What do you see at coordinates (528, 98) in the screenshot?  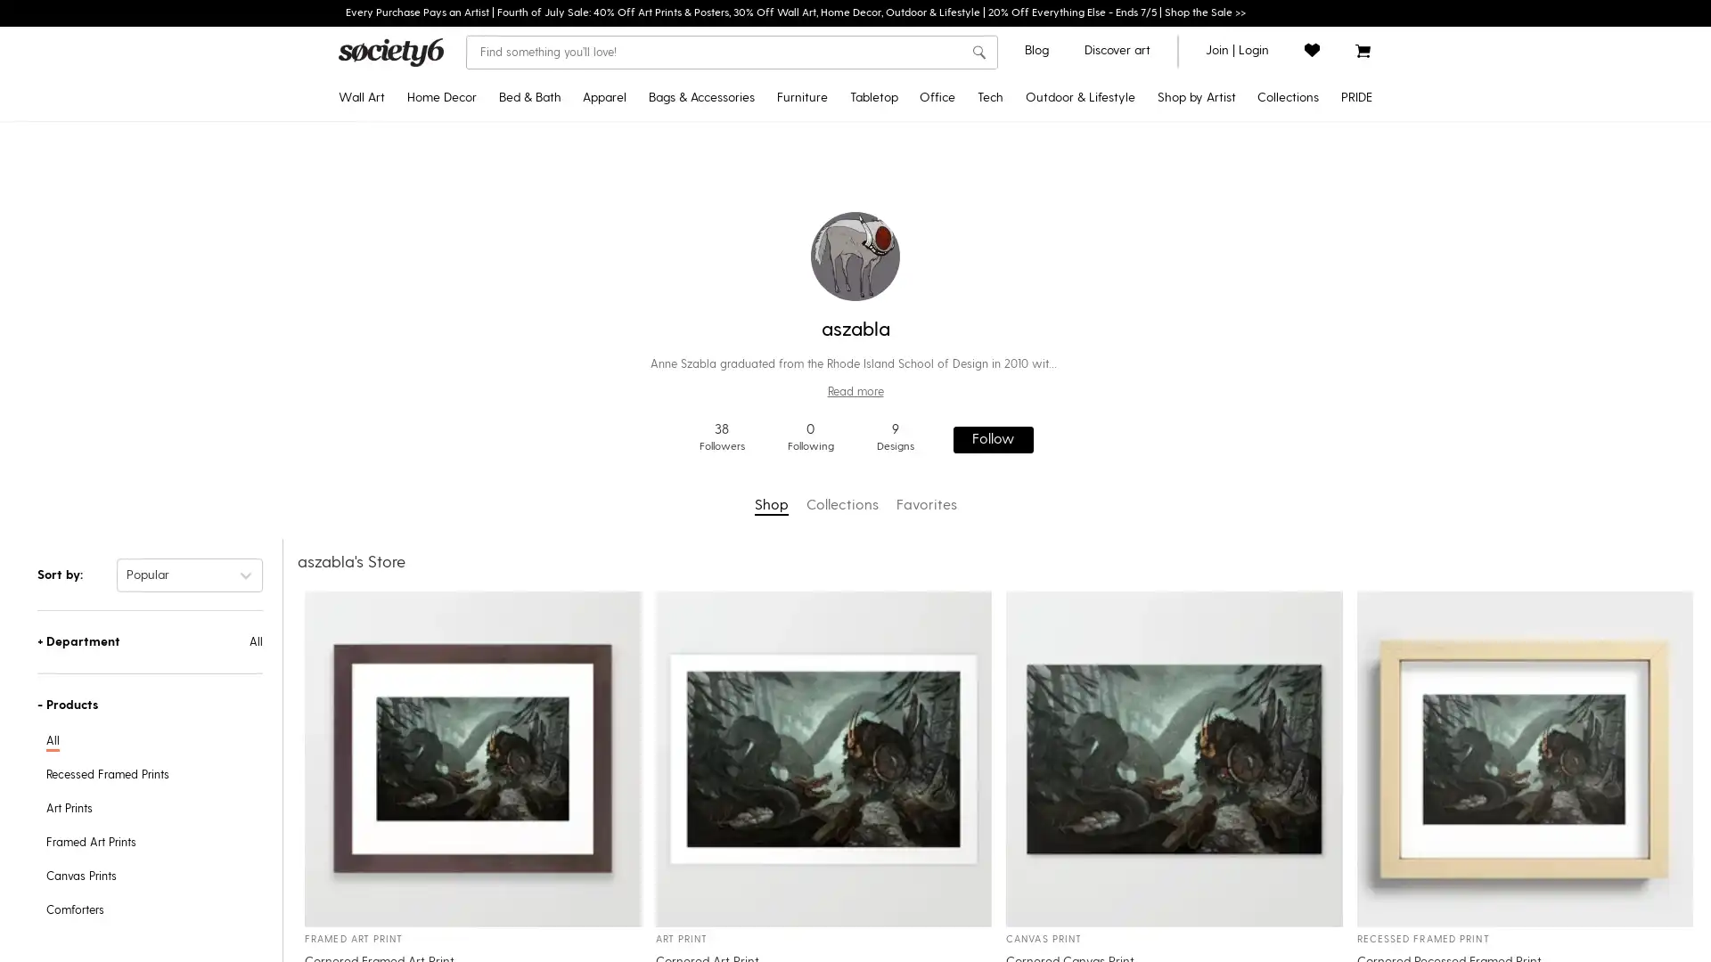 I see `Bed & Bath` at bounding box center [528, 98].